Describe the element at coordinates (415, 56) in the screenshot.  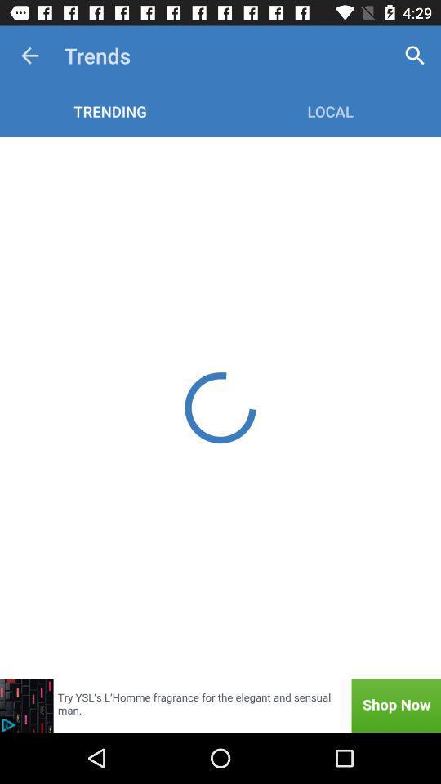
I see `the item to the right of trends item` at that location.